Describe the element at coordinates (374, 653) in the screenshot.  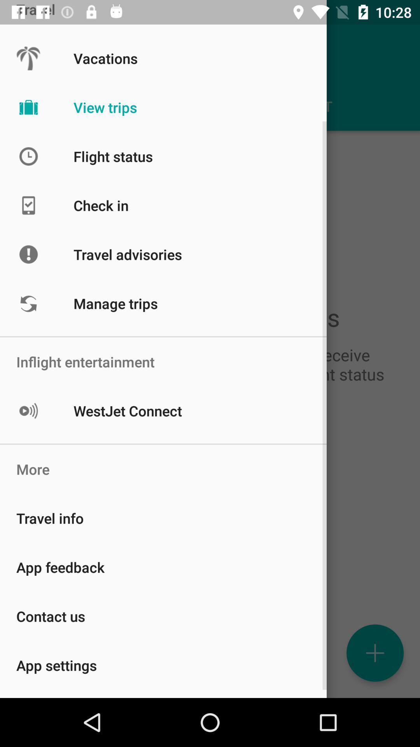
I see `the add icon` at that location.